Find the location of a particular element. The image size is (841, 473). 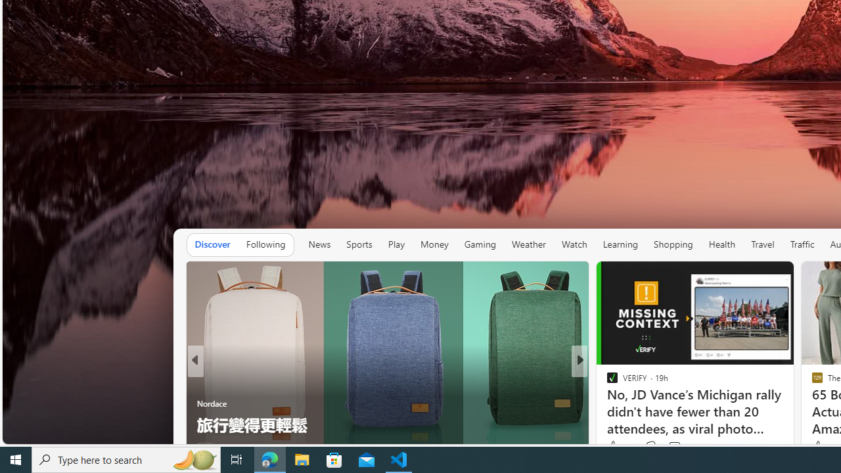

'Travel' is located at coordinates (762, 244).